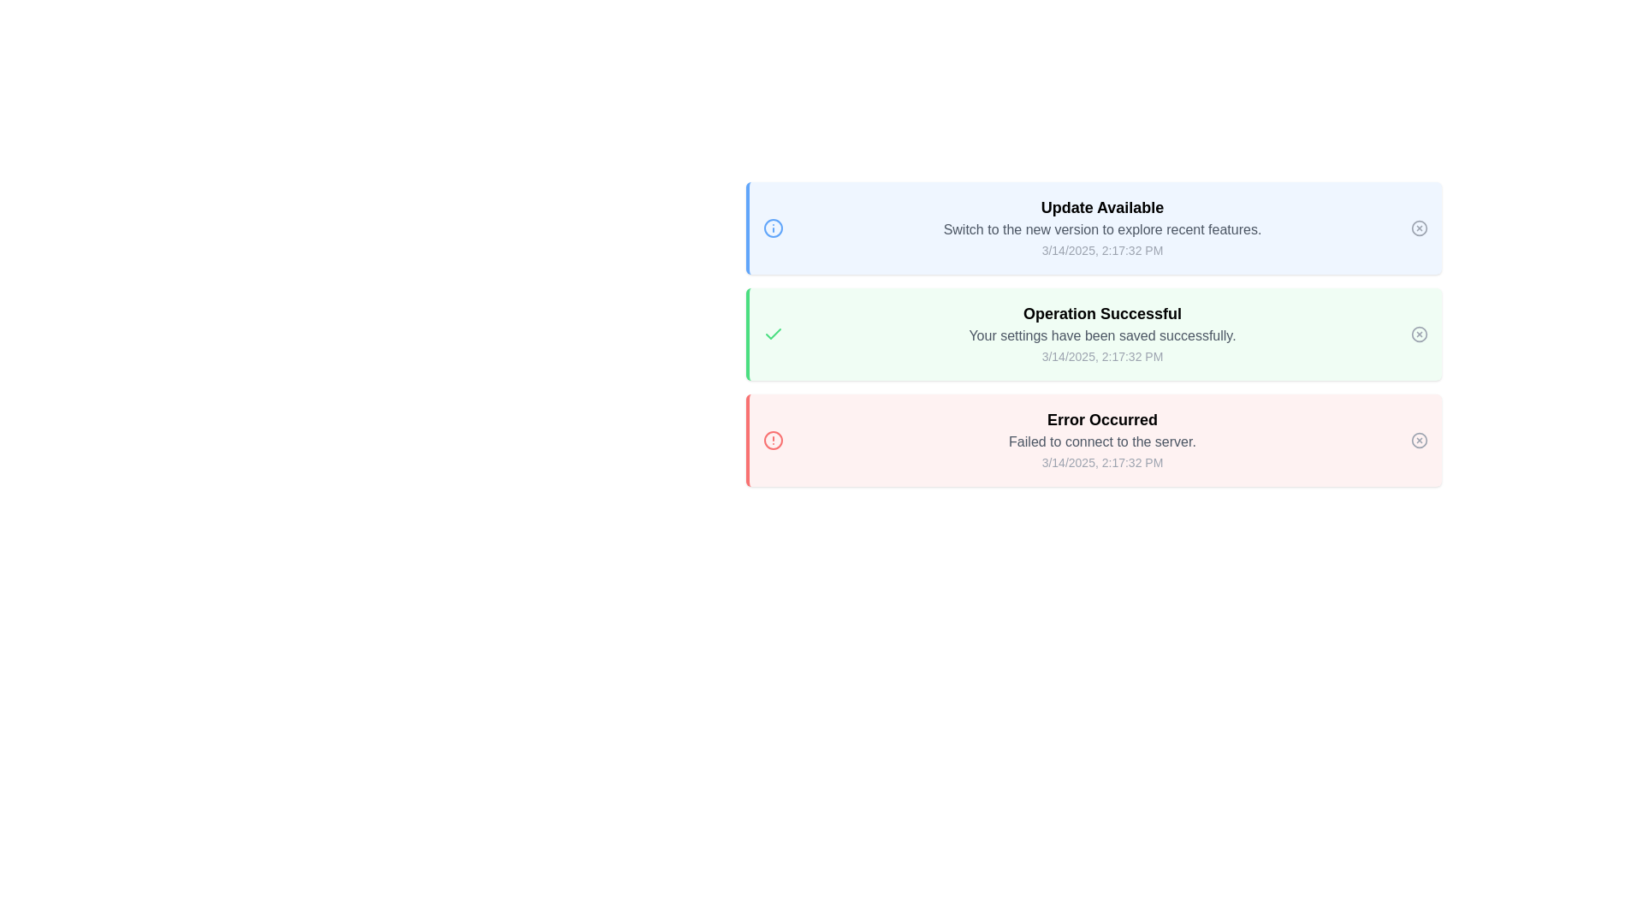 This screenshot has width=1643, height=924. Describe the element at coordinates (1102, 462) in the screenshot. I see `the static text that displays the timestamp information of the error notification, located at the bottom of the notification card, third line after 'Error Occurred' and 'Failed to connect to the server.'` at that location.